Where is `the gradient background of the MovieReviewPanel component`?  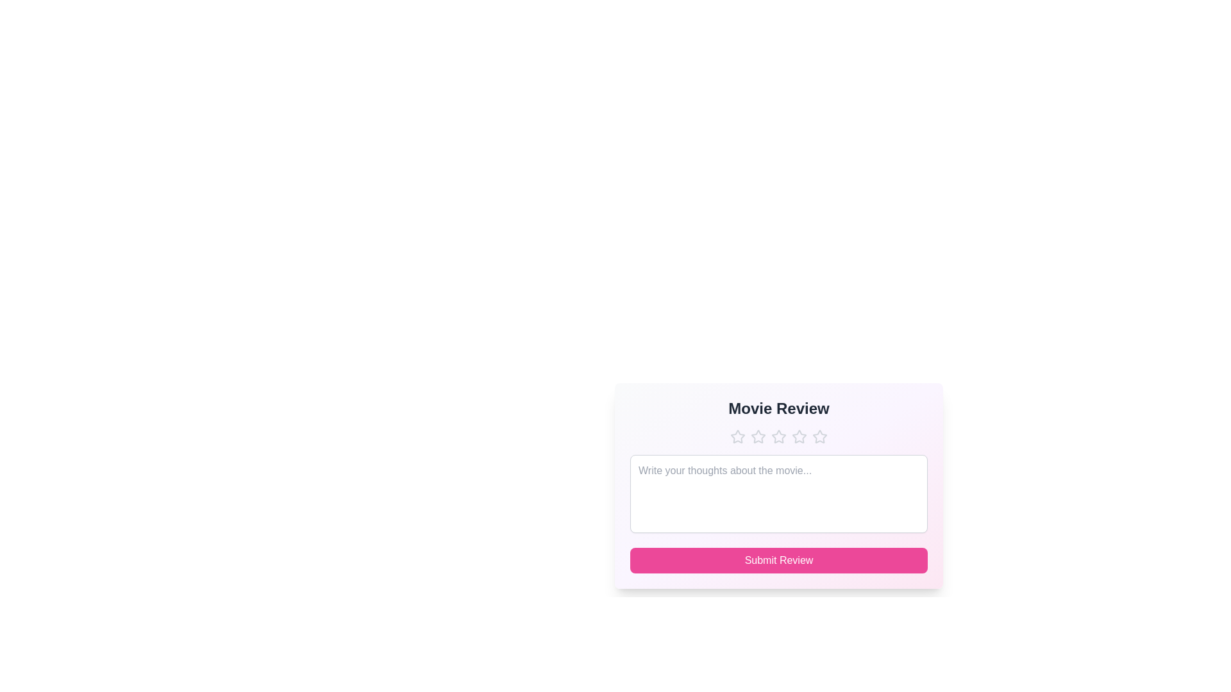 the gradient background of the MovieReviewPanel component is located at coordinates (778, 486).